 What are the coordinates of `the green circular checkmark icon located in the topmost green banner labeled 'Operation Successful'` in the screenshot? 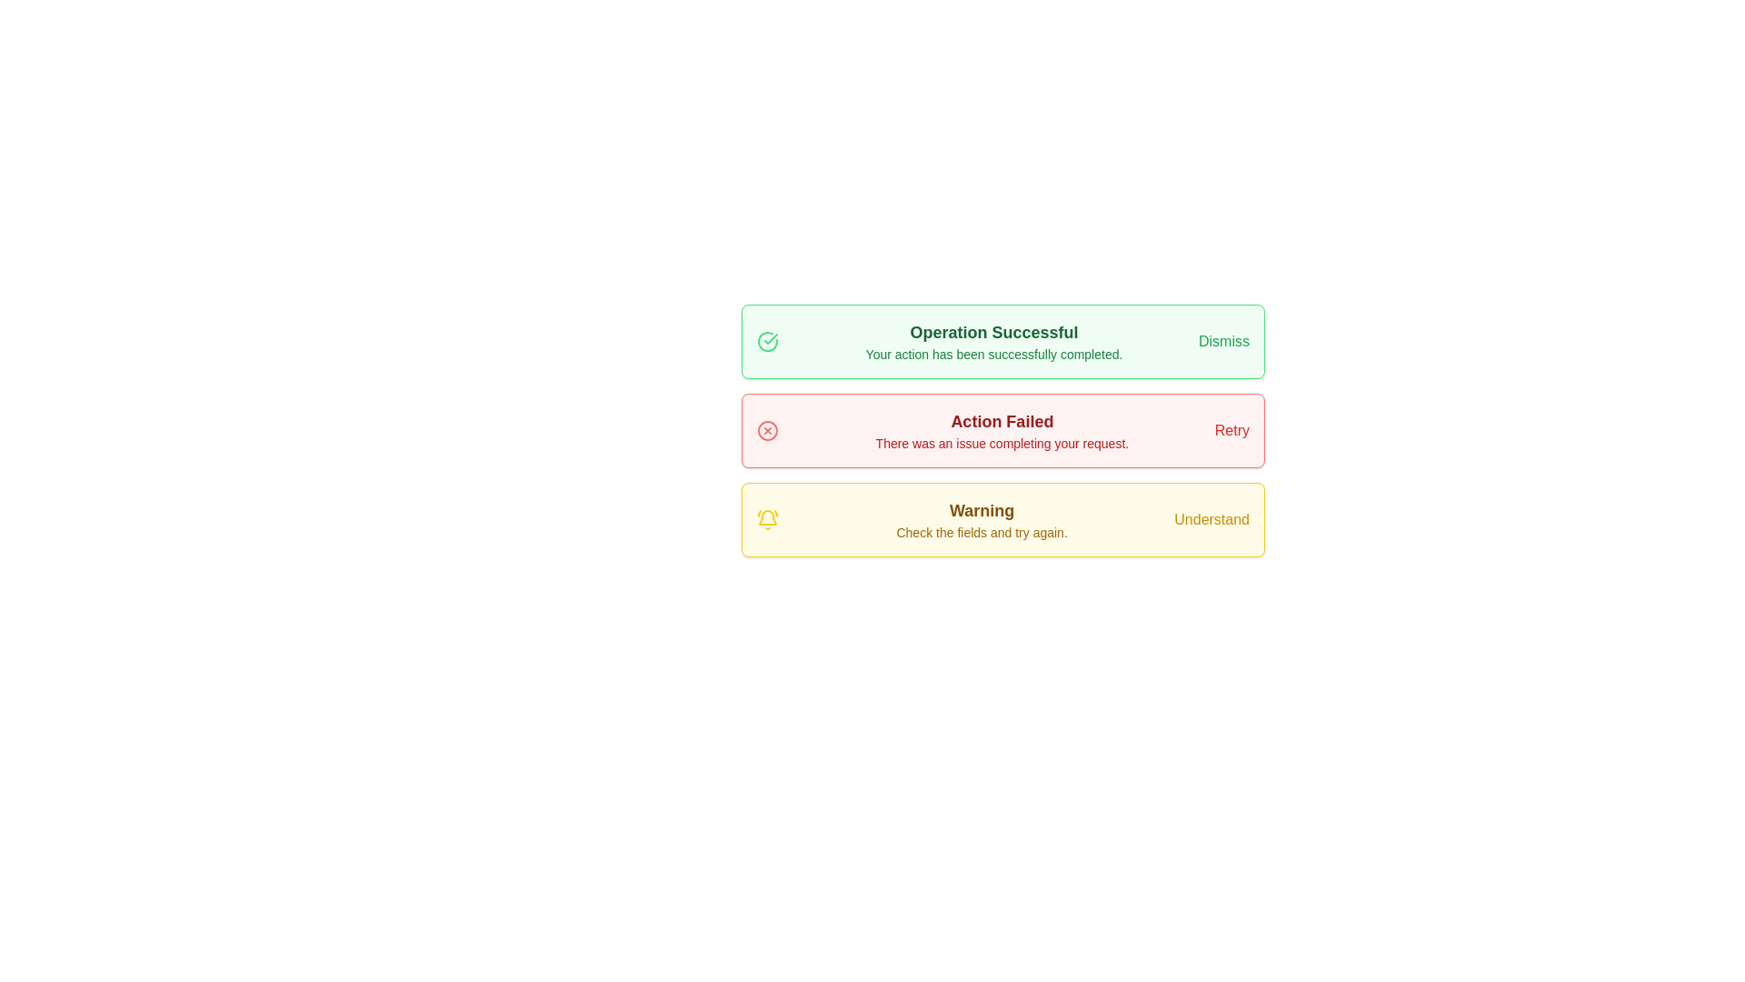 It's located at (767, 341).